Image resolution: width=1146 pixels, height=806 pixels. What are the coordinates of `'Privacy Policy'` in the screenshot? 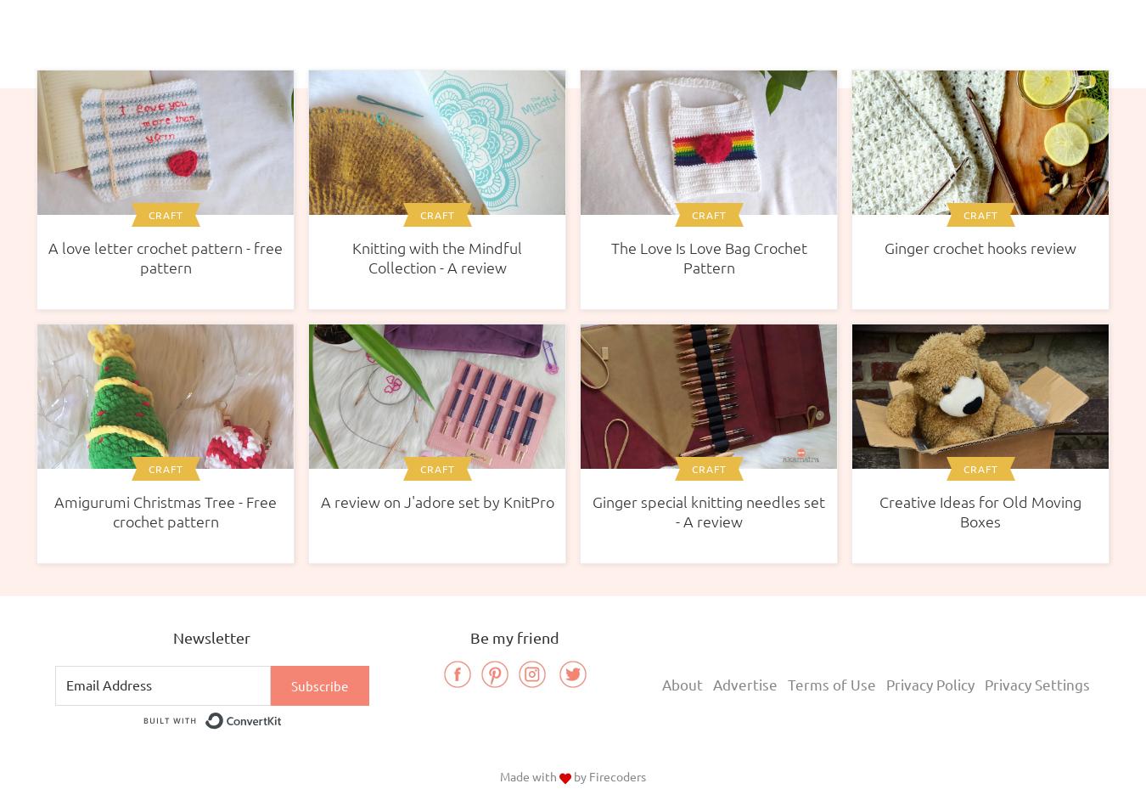 It's located at (930, 683).